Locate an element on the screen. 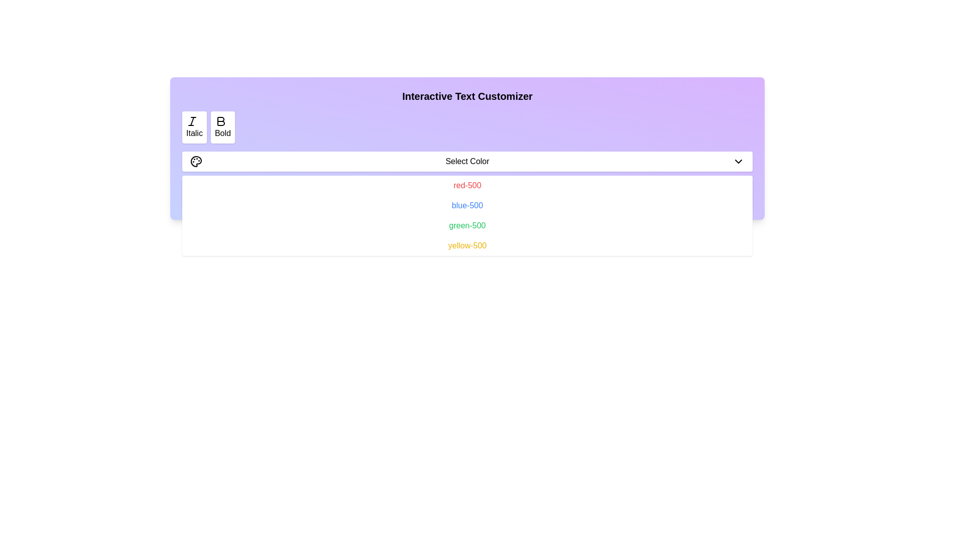 Image resolution: width=964 pixels, height=542 pixels. the rectangular button with rounded corners labeled 'Italic' is located at coordinates (194, 127).